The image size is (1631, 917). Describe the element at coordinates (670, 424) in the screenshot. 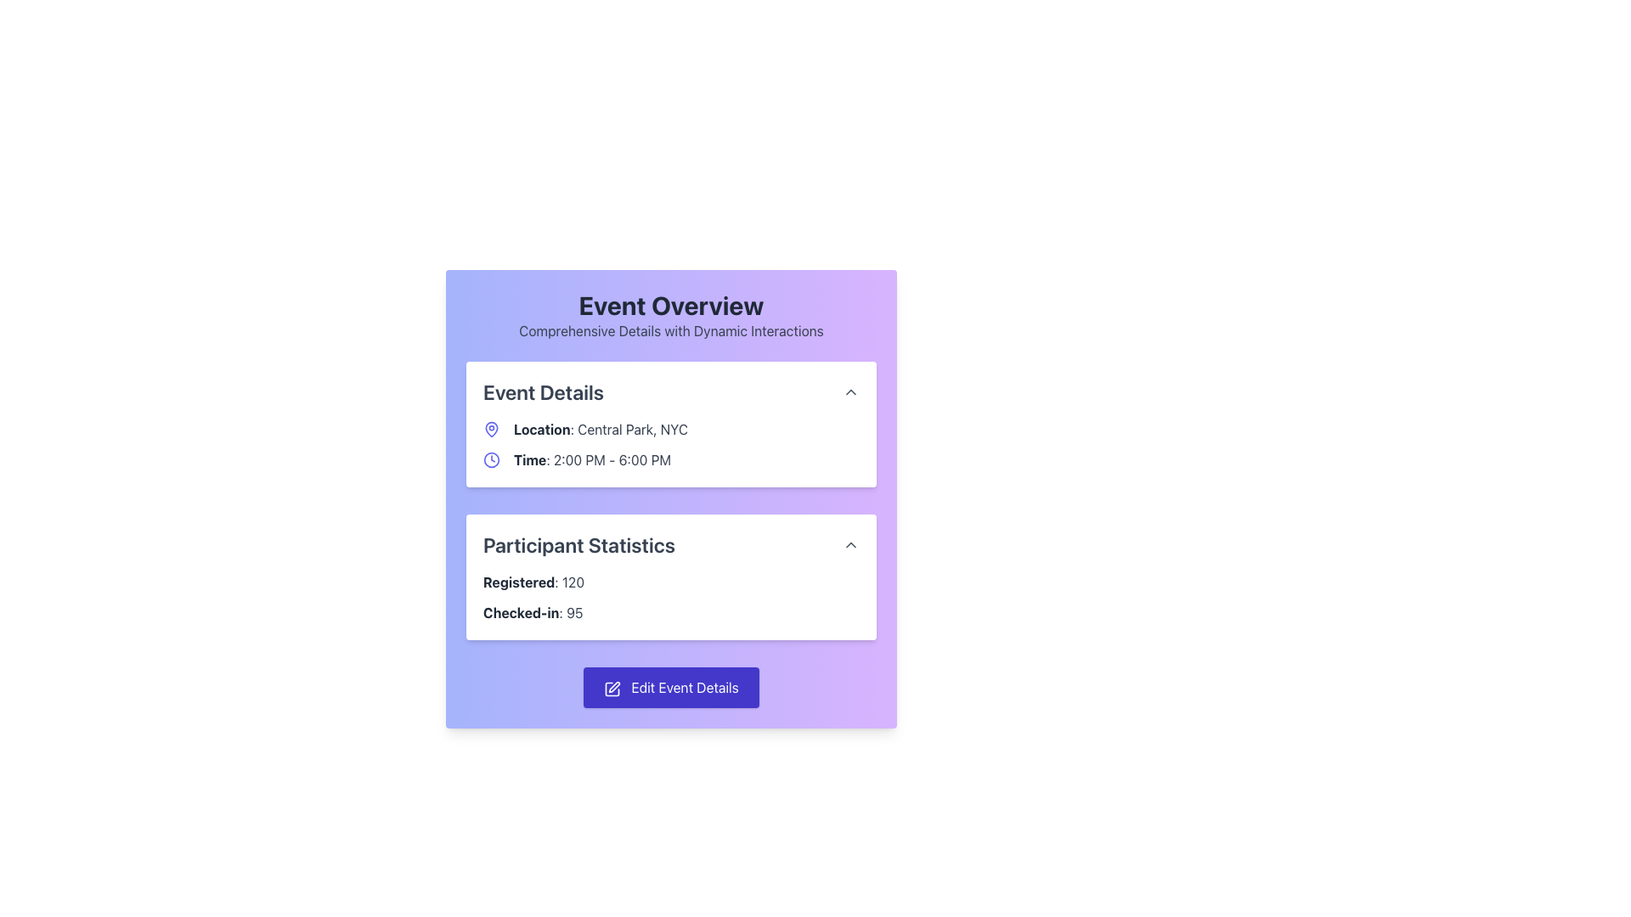

I see `the first informational card in the 'Event Overview' interface` at that location.